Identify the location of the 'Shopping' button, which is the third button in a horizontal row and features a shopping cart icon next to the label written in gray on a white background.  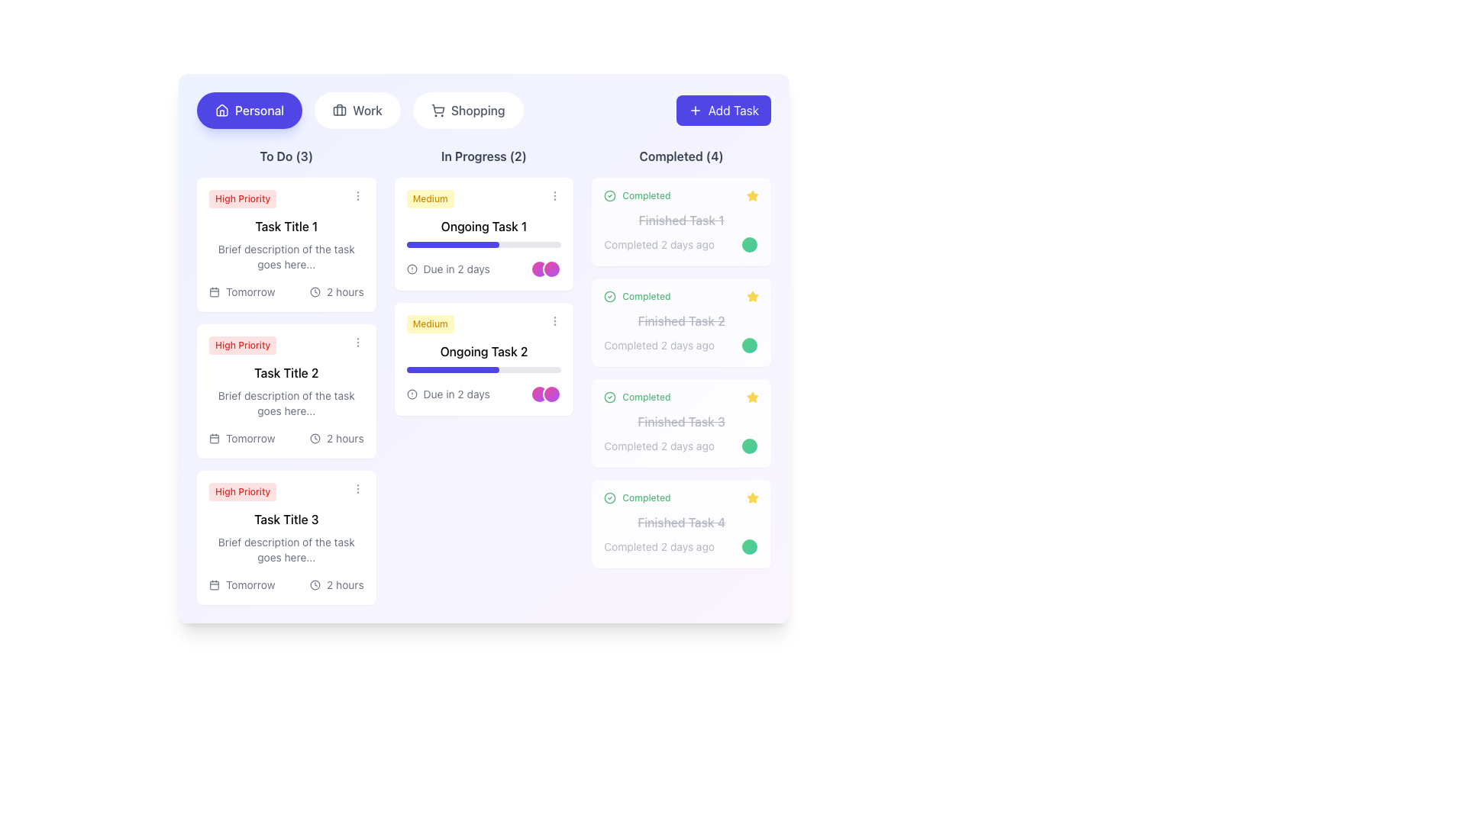
(467, 110).